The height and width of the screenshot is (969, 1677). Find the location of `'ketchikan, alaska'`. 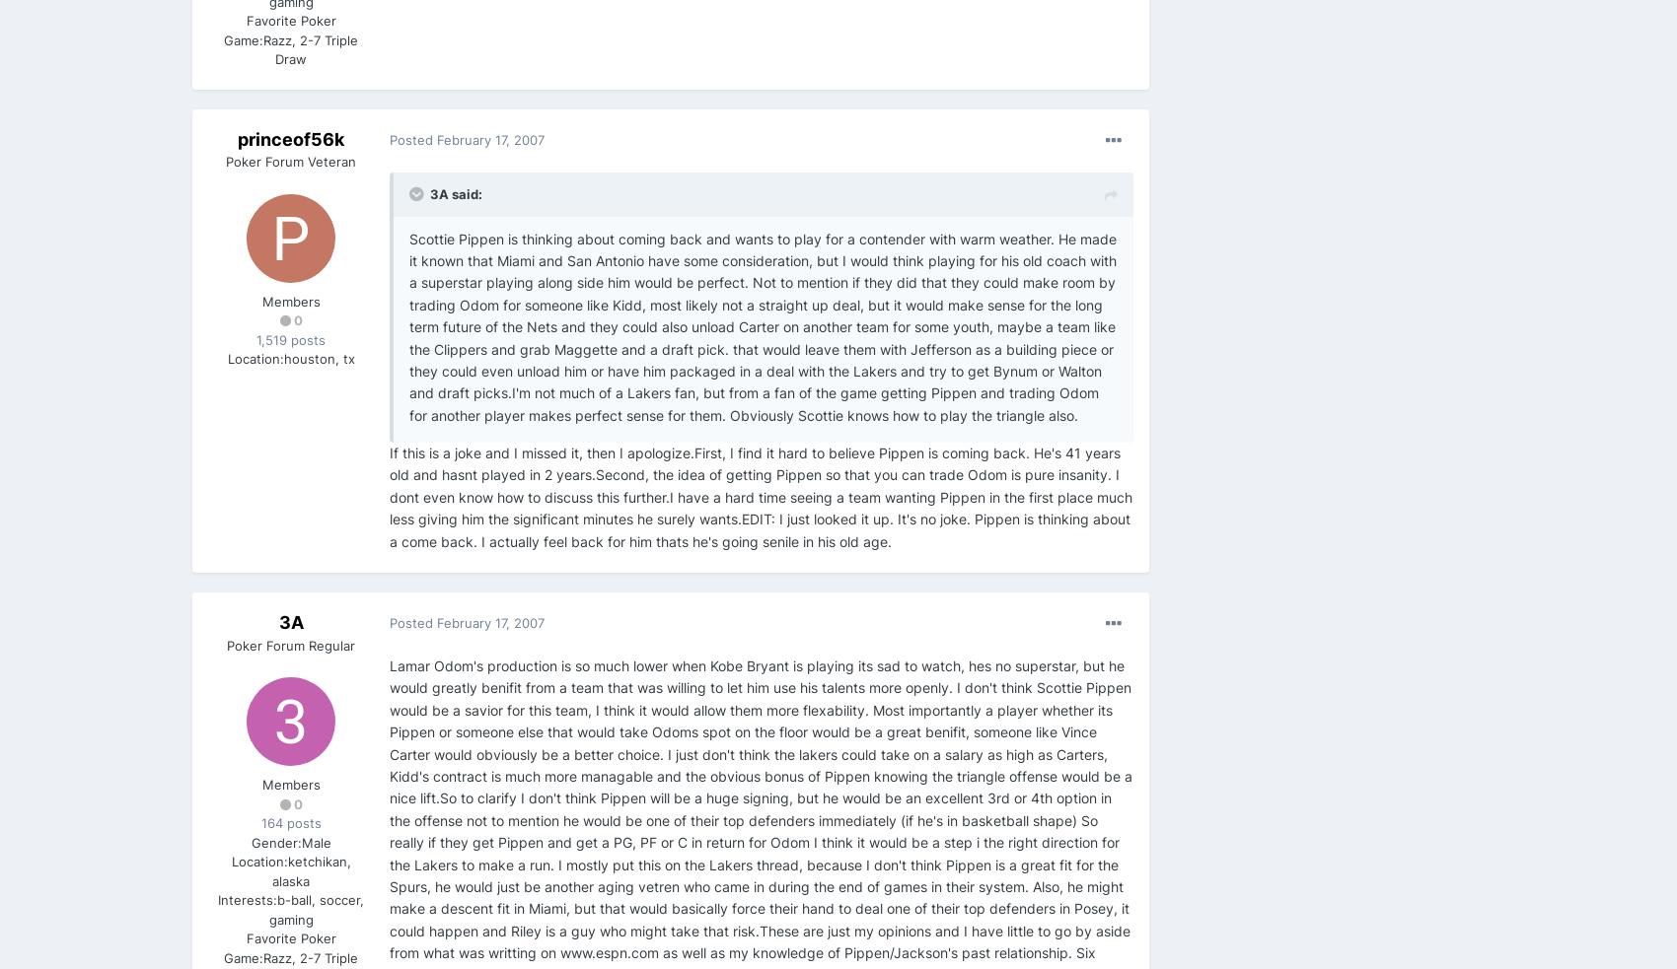

'ketchikan, alaska' is located at coordinates (311, 870).